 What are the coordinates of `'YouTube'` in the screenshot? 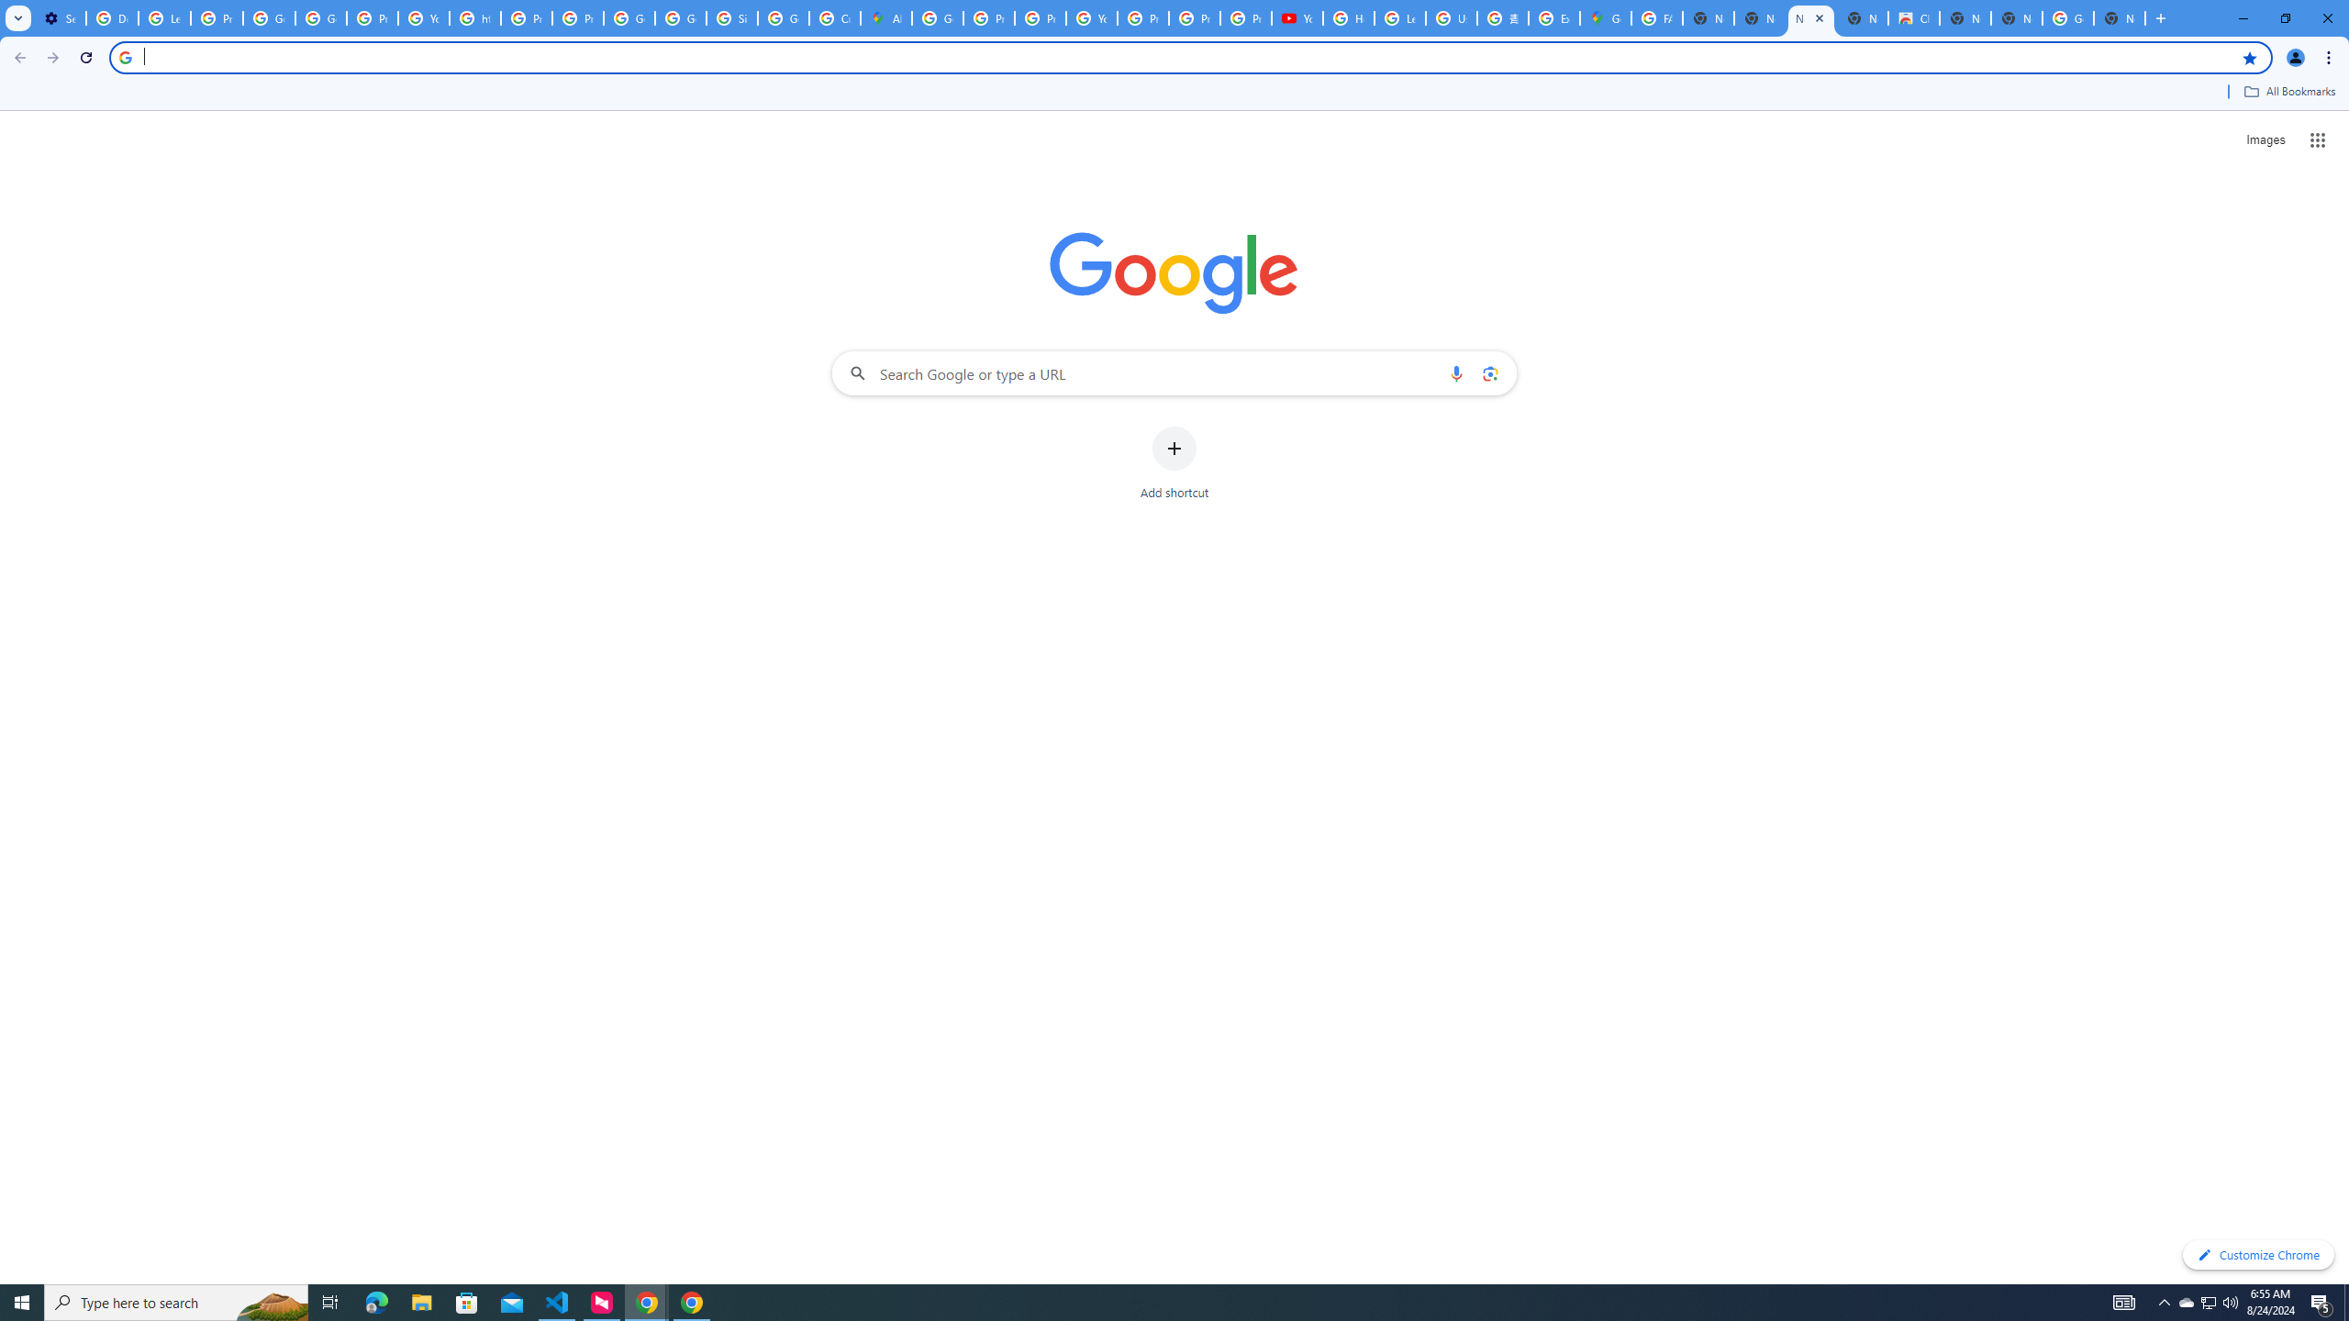 It's located at (423, 17).